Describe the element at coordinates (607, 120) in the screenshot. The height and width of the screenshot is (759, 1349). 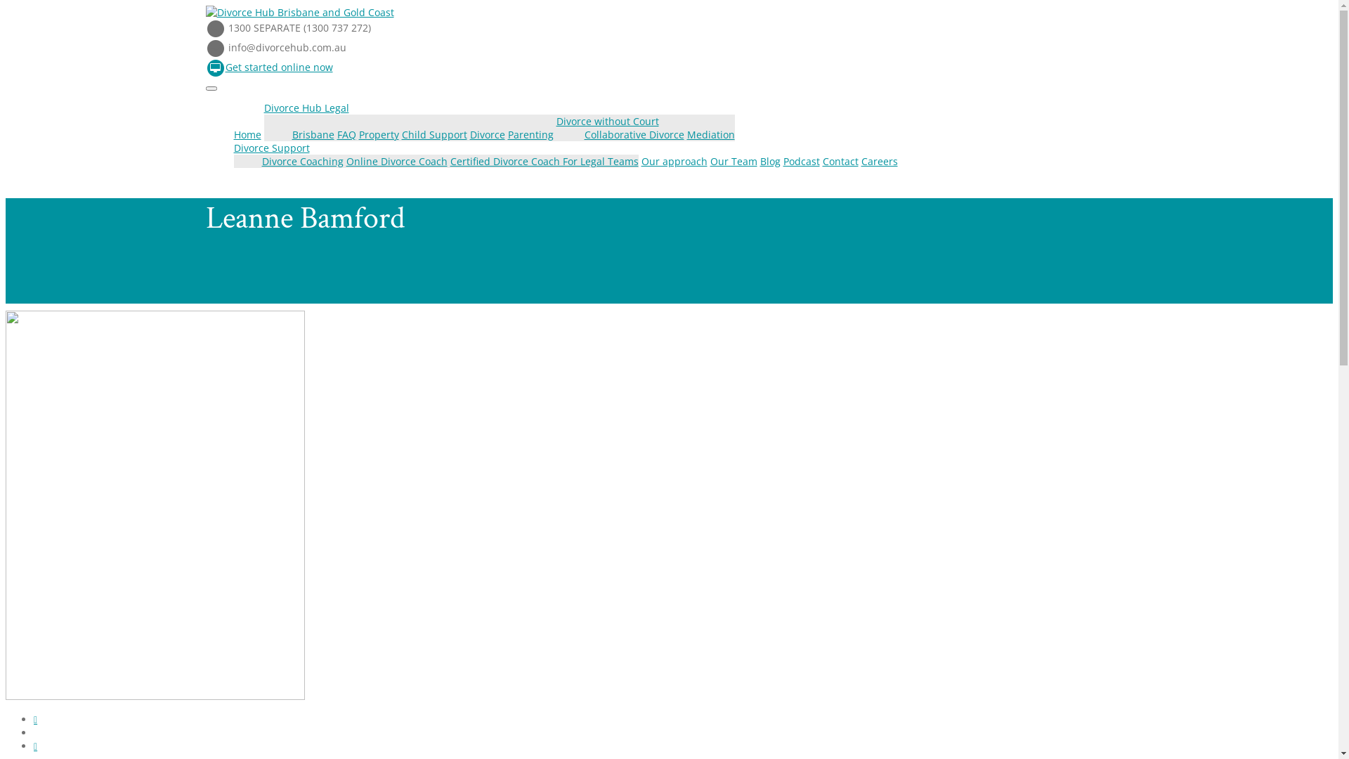
I see `'Divorce without Court'` at that location.